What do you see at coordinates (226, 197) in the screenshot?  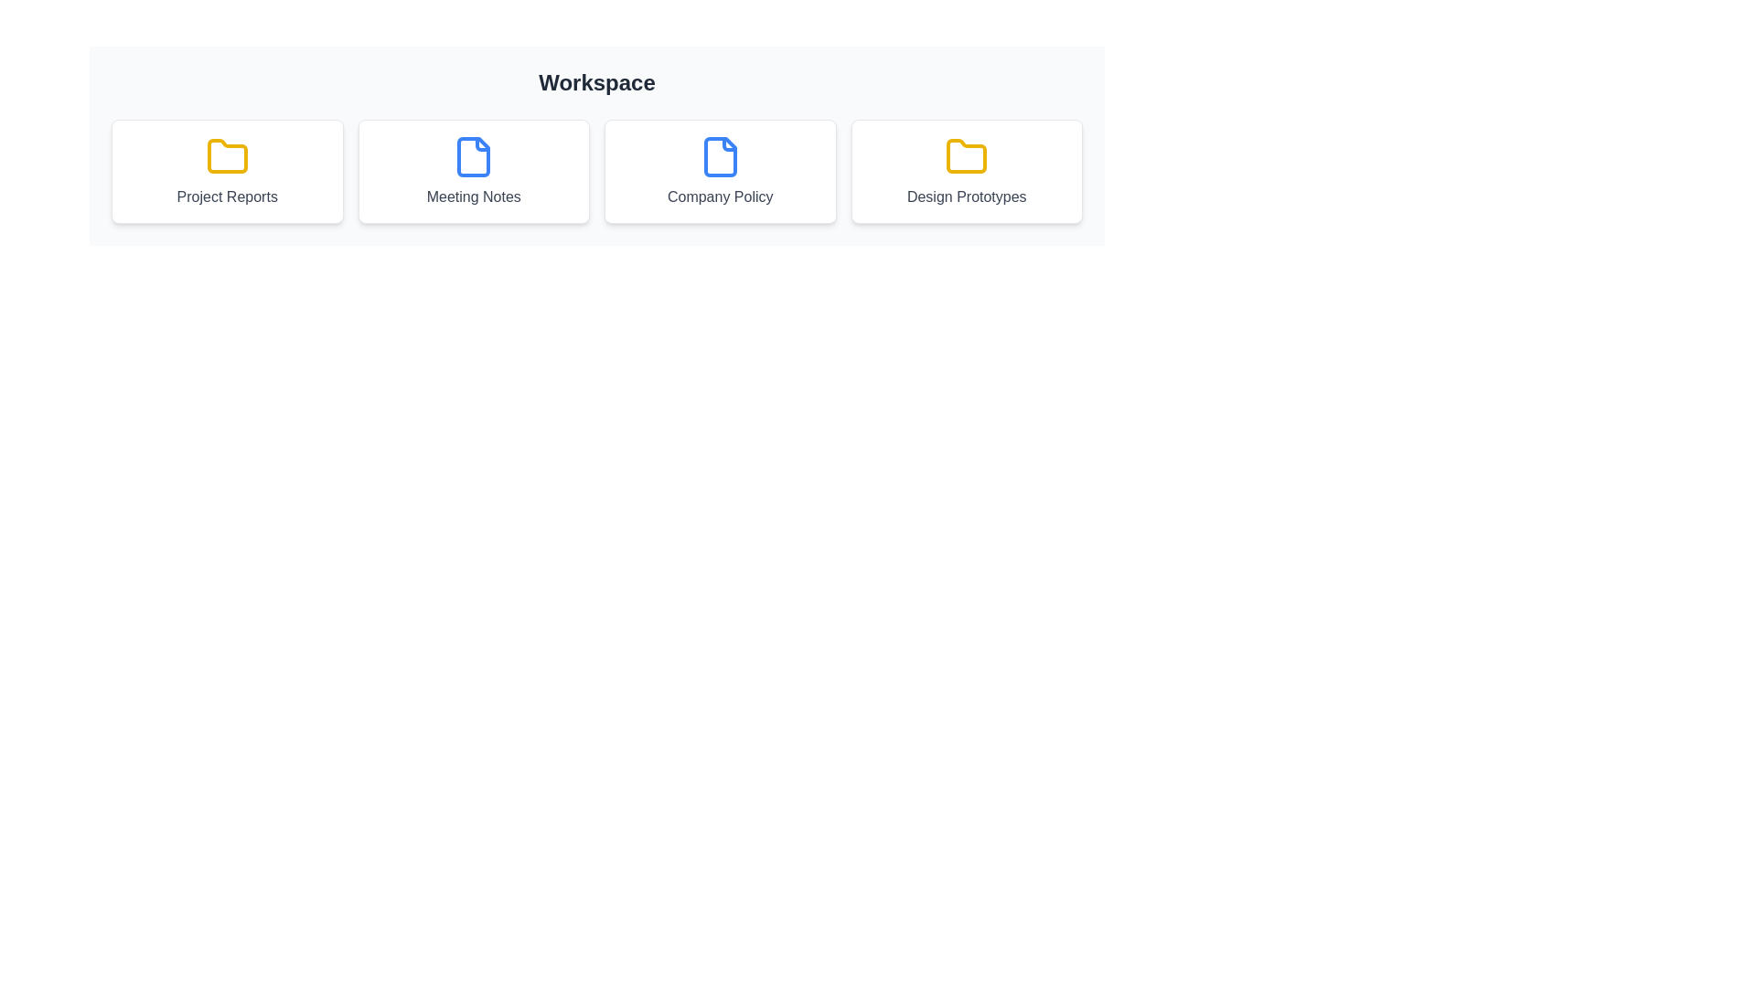 I see `the text label displaying 'Project Reports', which is styled with medium font weight and gray color, located below a yellow folder icon` at bounding box center [226, 197].